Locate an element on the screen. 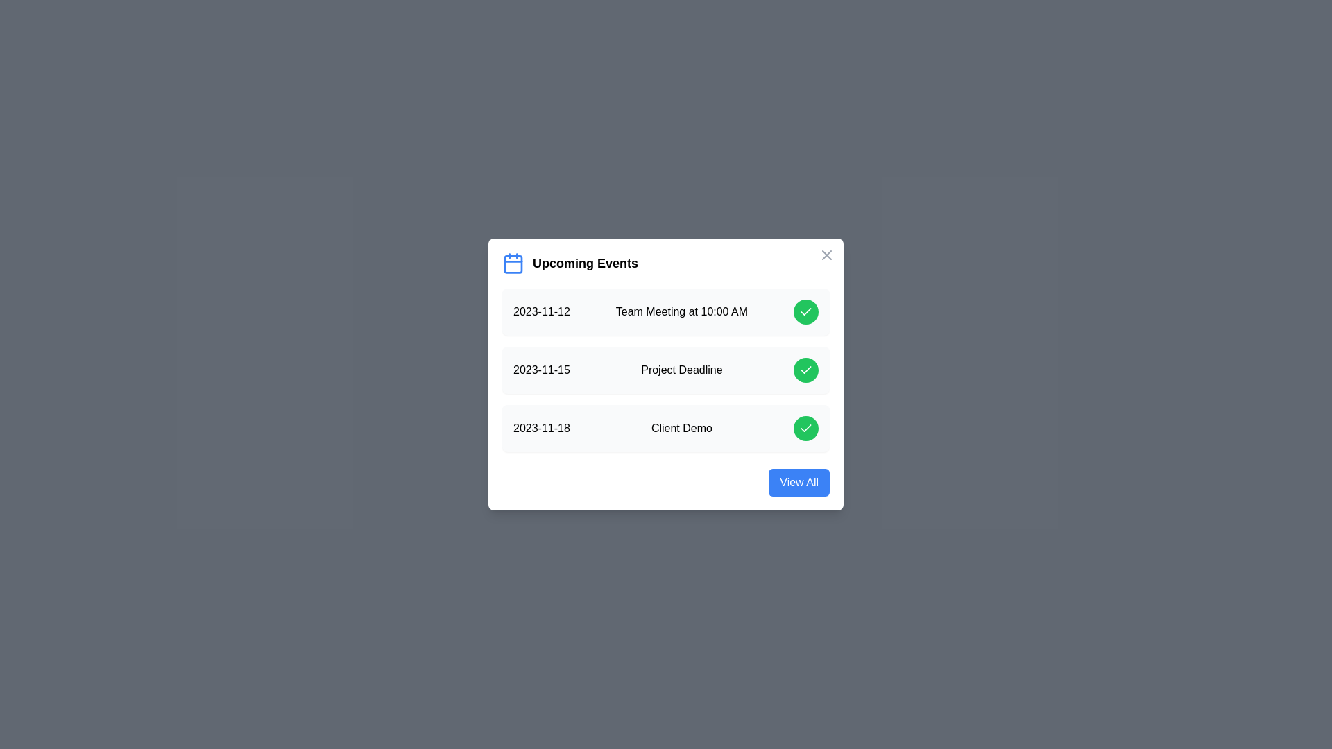  the 'View All' button to view all events is located at coordinates (799, 481).